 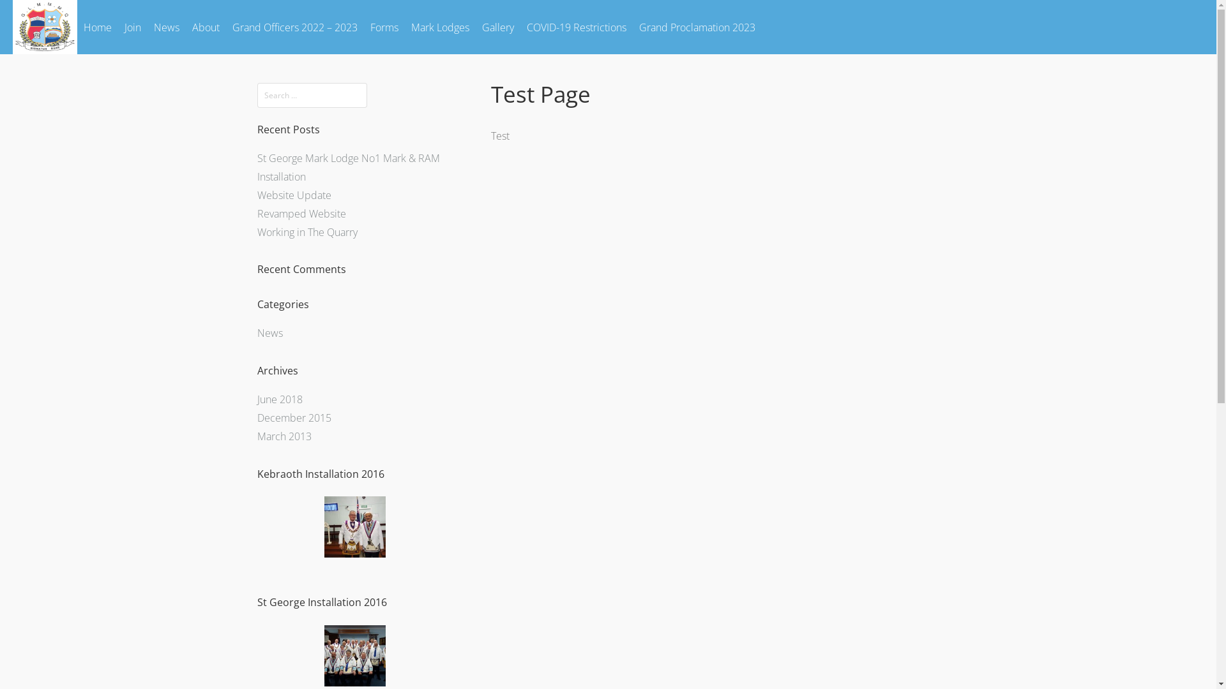 I want to click on 'Forms', so click(x=383, y=27).